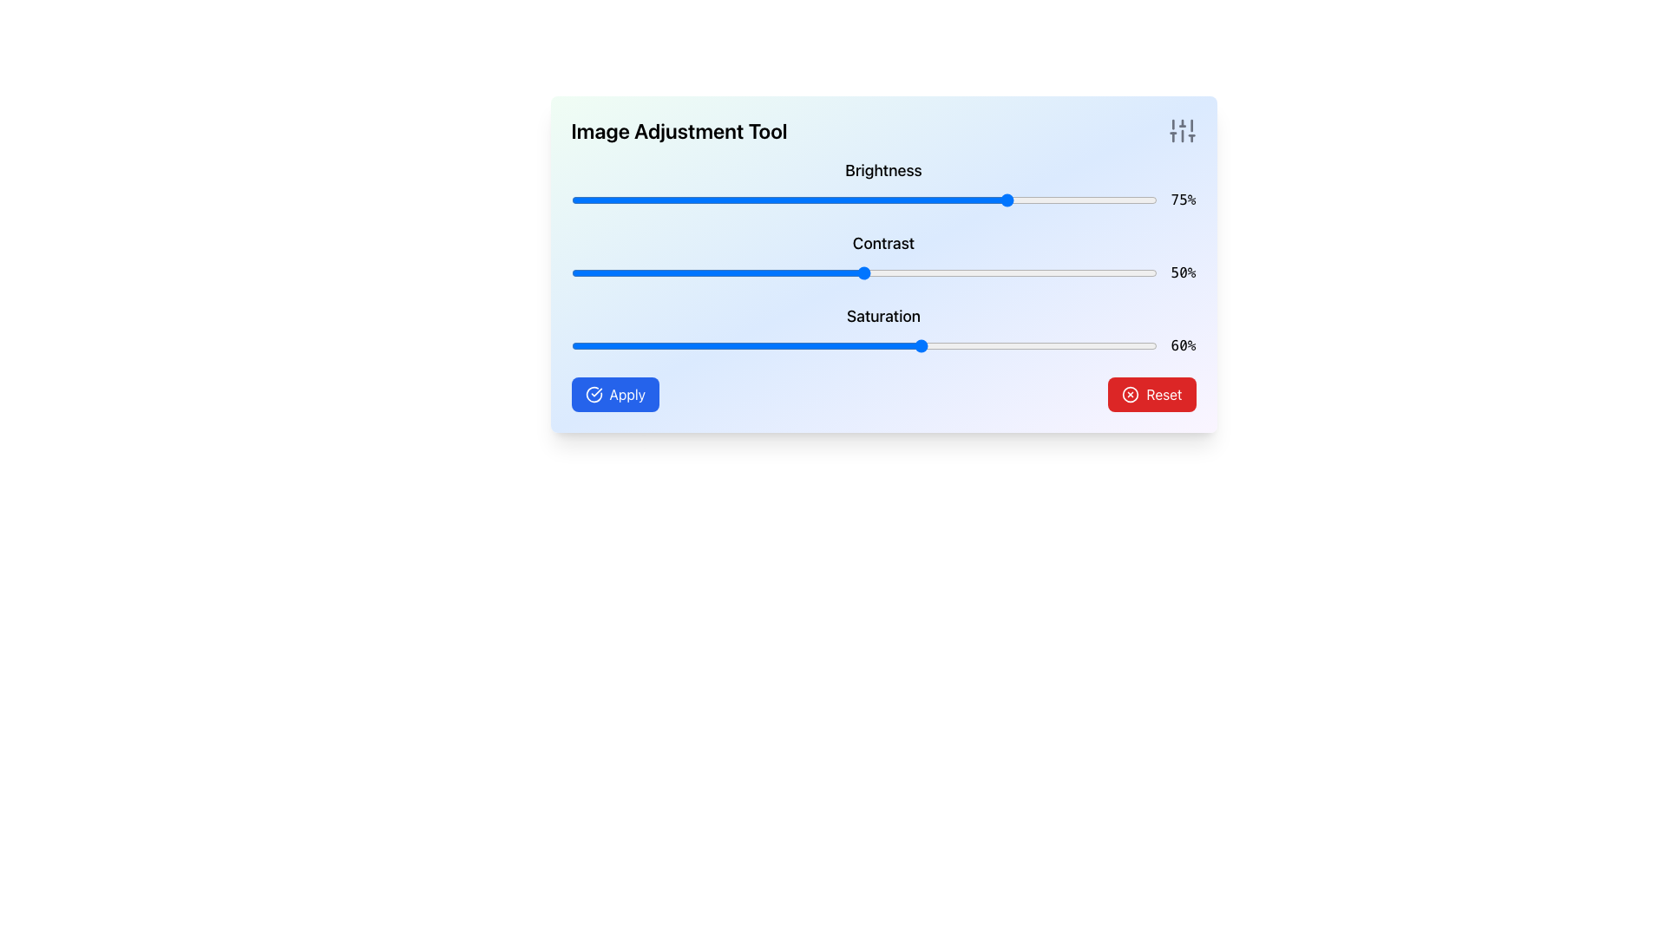 Image resolution: width=1666 pixels, height=937 pixels. What do you see at coordinates (968, 273) in the screenshot?
I see `contrast` at bounding box center [968, 273].